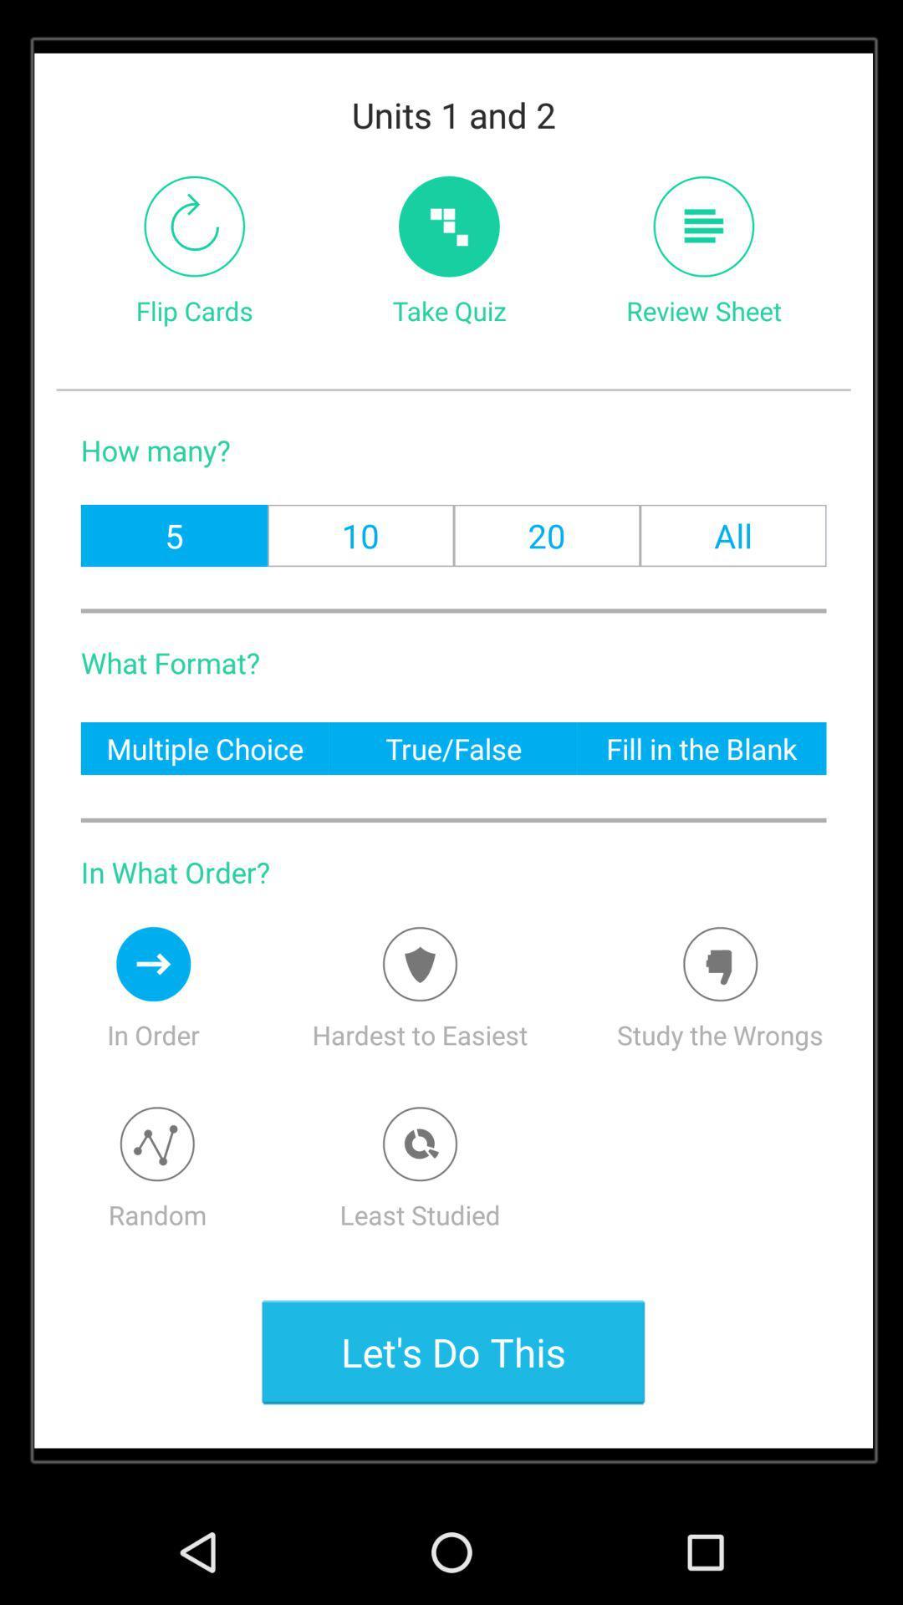 The image size is (903, 1605). Describe the element at coordinates (701, 747) in the screenshot. I see `item next to true/false` at that location.